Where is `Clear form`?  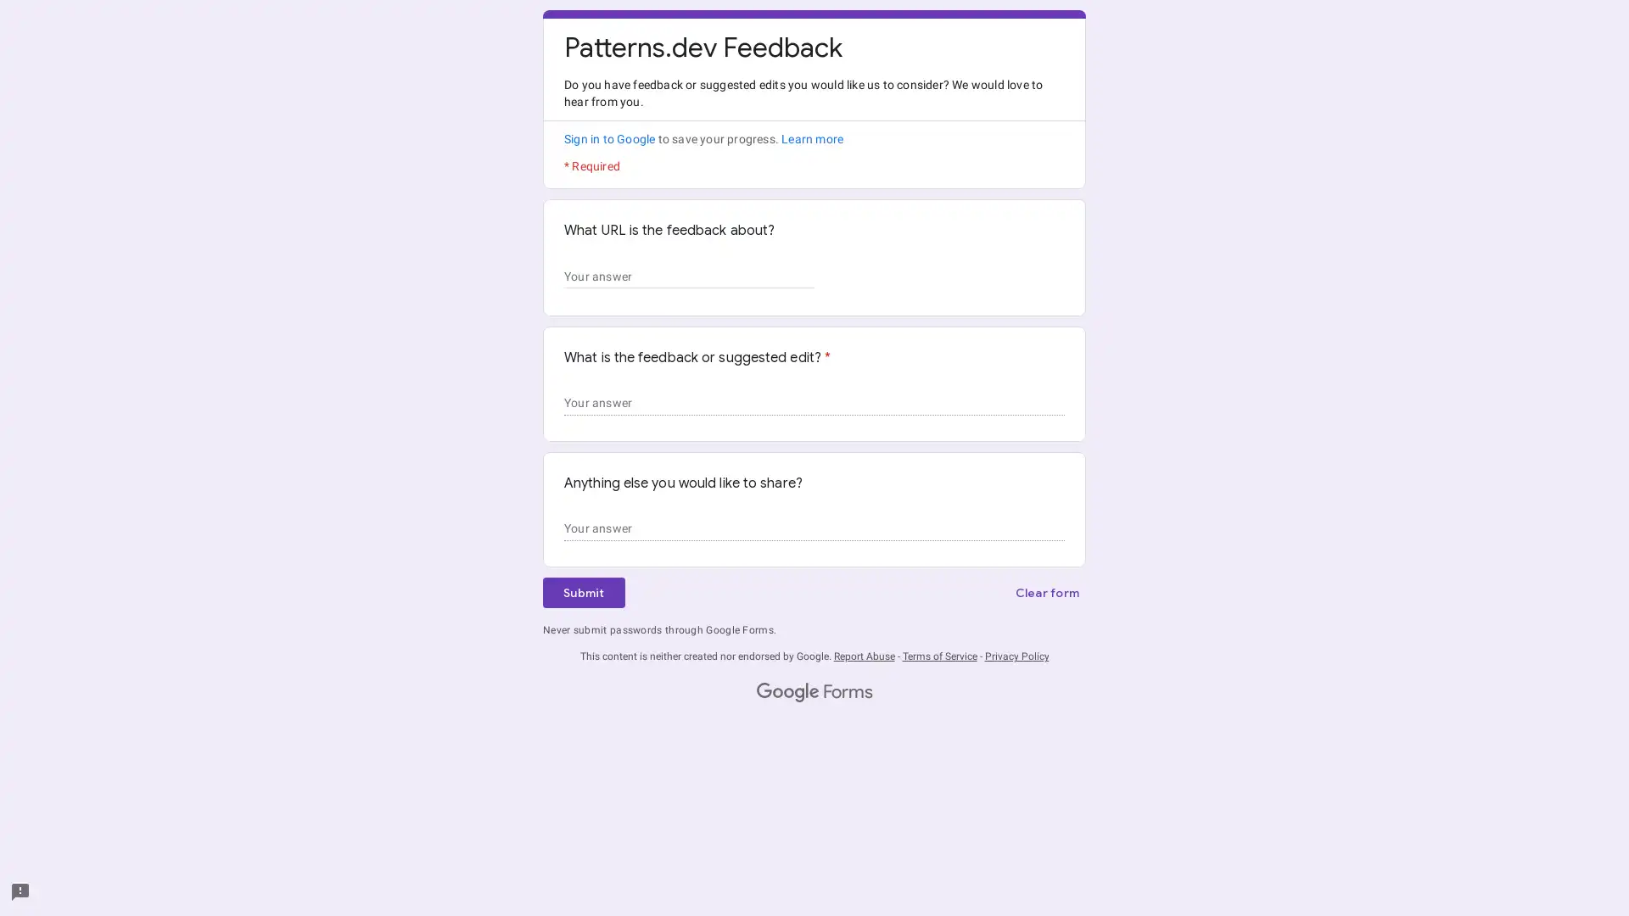
Clear form is located at coordinates (1045, 591).